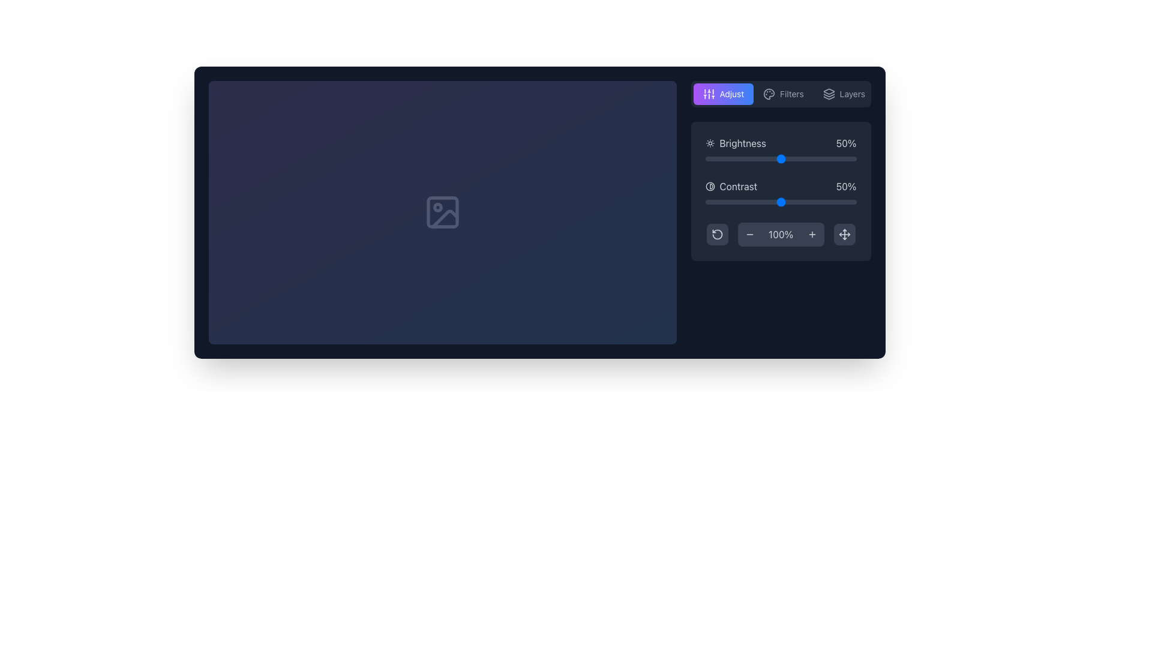  Describe the element at coordinates (769, 94) in the screenshot. I see `the palette icon located near the top-right corner of the interface, which is used` at that location.